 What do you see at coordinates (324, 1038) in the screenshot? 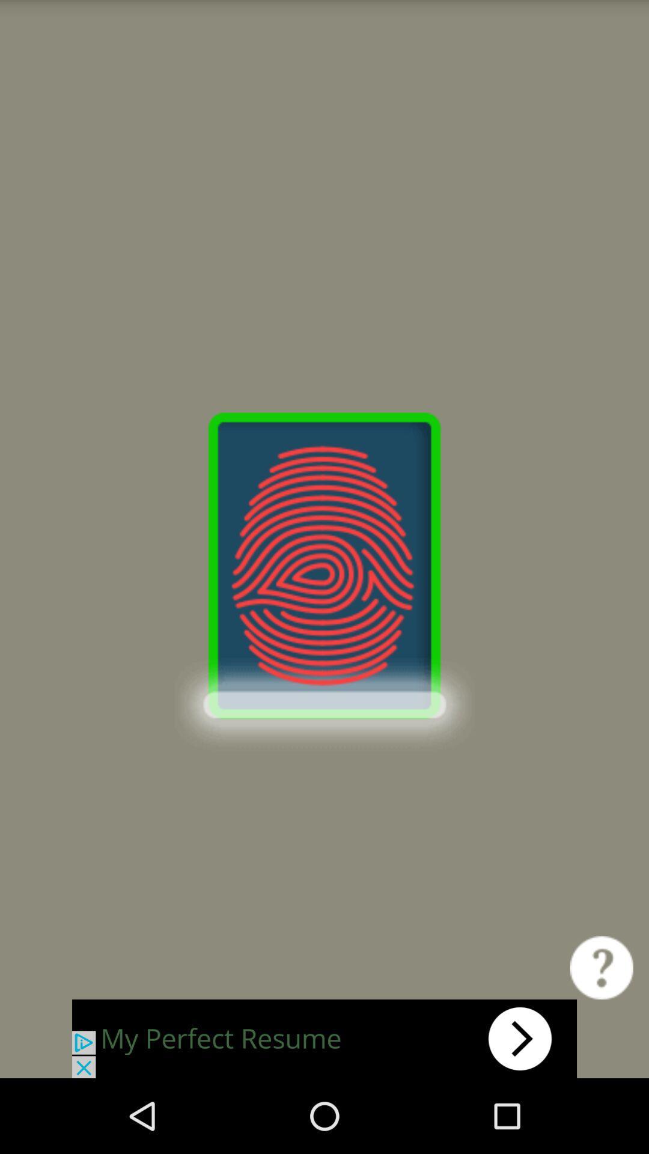
I see `make advertisement` at bounding box center [324, 1038].